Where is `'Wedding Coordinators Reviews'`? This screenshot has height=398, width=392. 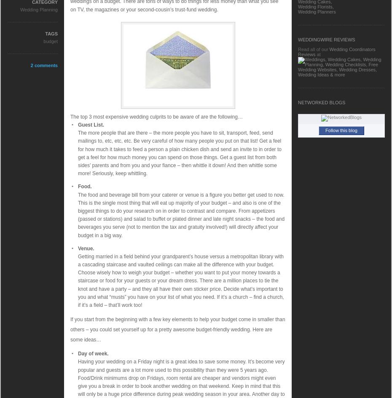 'Wedding Coordinators Reviews' is located at coordinates (298, 51).